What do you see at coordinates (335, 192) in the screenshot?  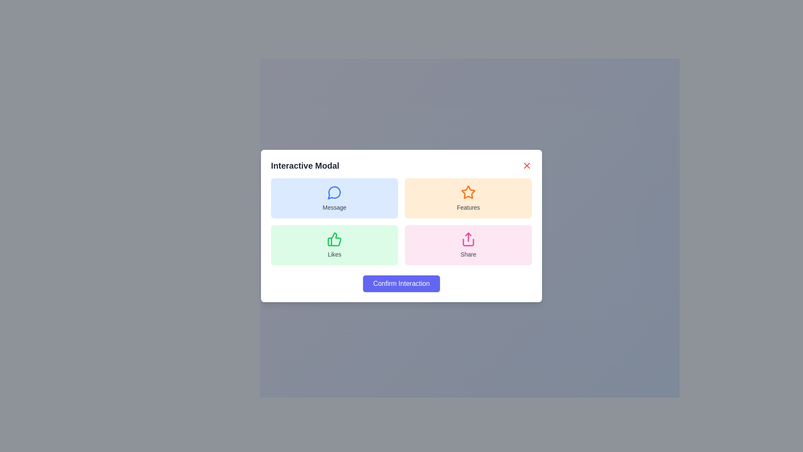 I see `the messaging icon located in the top-left corner of a blue rectangular card labeled 'Message', which is the first card in a 2x2 grid layout` at bounding box center [335, 192].